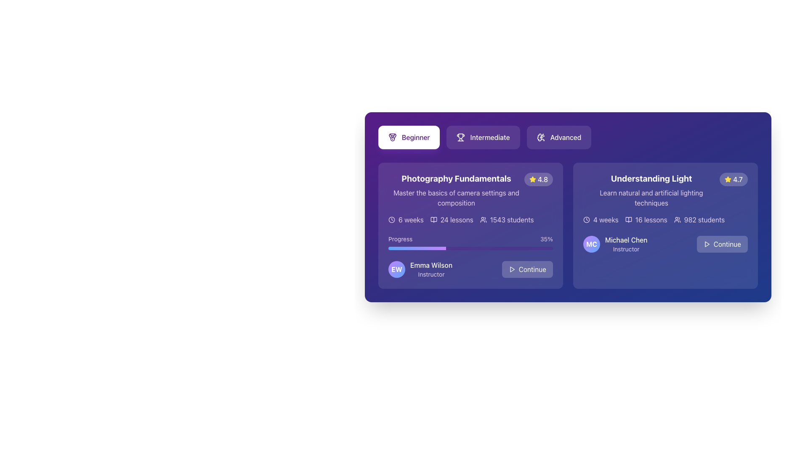 The width and height of the screenshot is (808, 454). What do you see at coordinates (651, 178) in the screenshot?
I see `the Text heading titled 'Understanding Light', which is located at the top of the right card in the layout, directly above the subtitle` at bounding box center [651, 178].